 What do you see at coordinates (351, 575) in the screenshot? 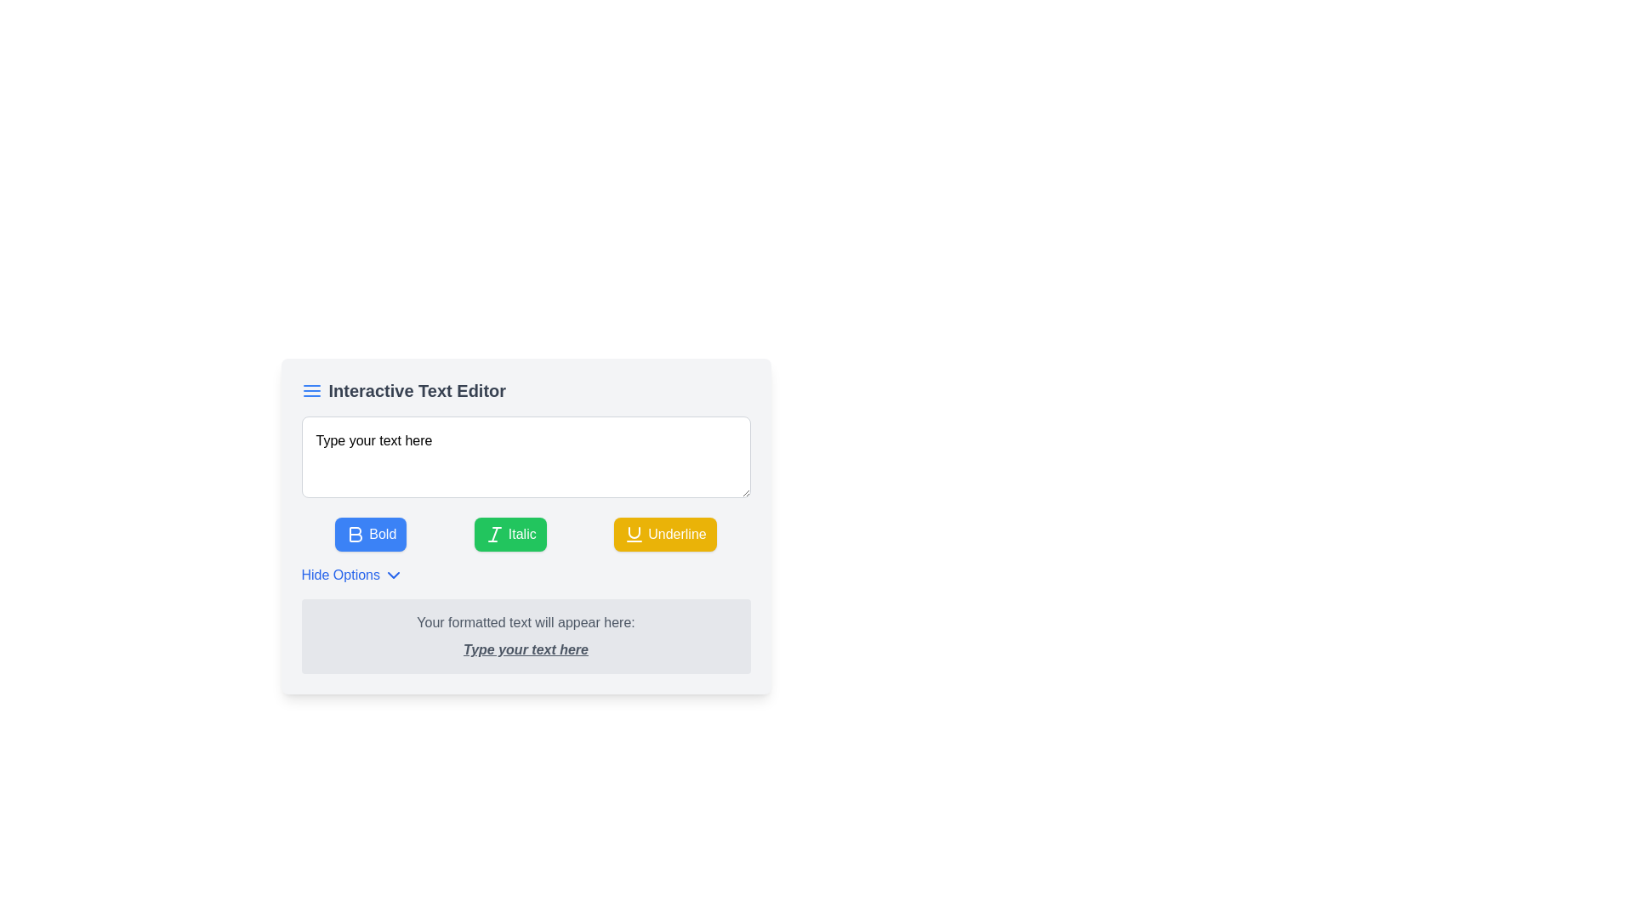
I see `the toggle button below the formatting buttons in the interactive text editor` at bounding box center [351, 575].